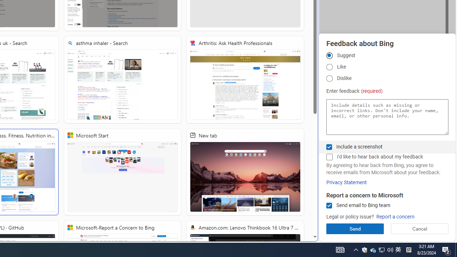 The height and width of the screenshot is (257, 457). What do you see at coordinates (355, 228) in the screenshot?
I see `'Send'` at bounding box center [355, 228].